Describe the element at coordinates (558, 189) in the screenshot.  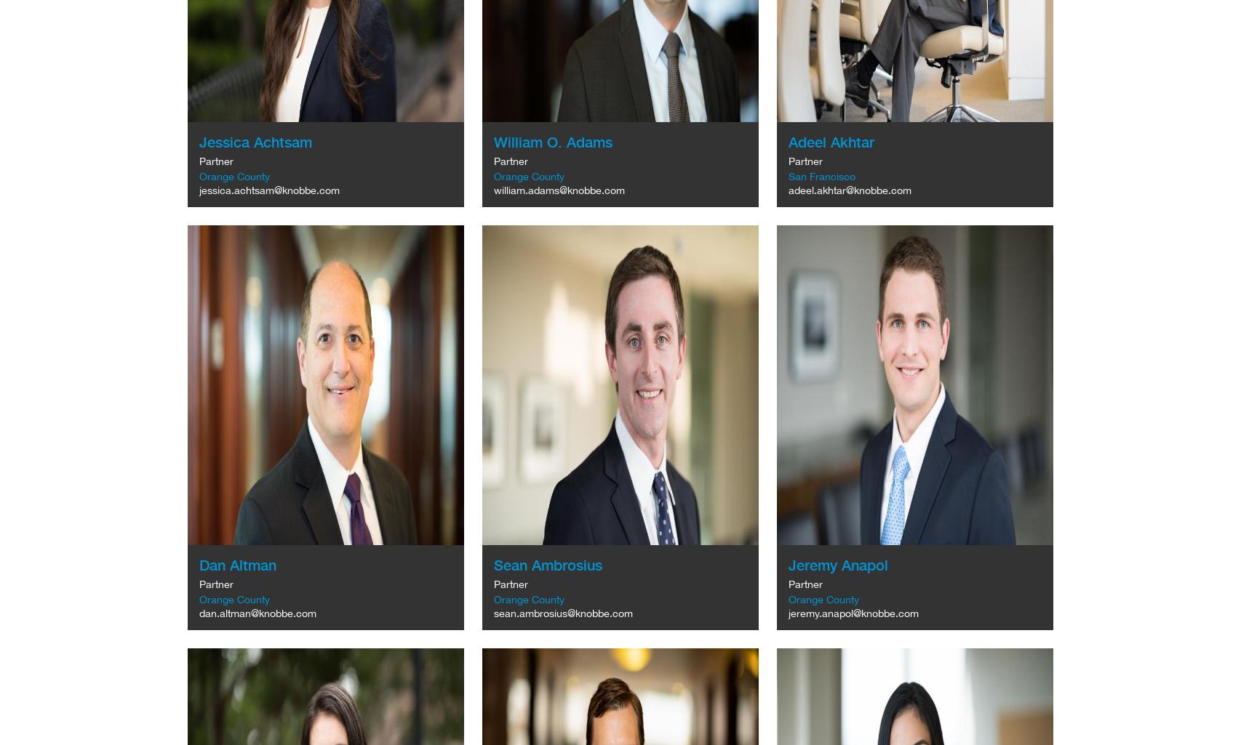
I see `'william.adams@knobbe.com'` at that location.